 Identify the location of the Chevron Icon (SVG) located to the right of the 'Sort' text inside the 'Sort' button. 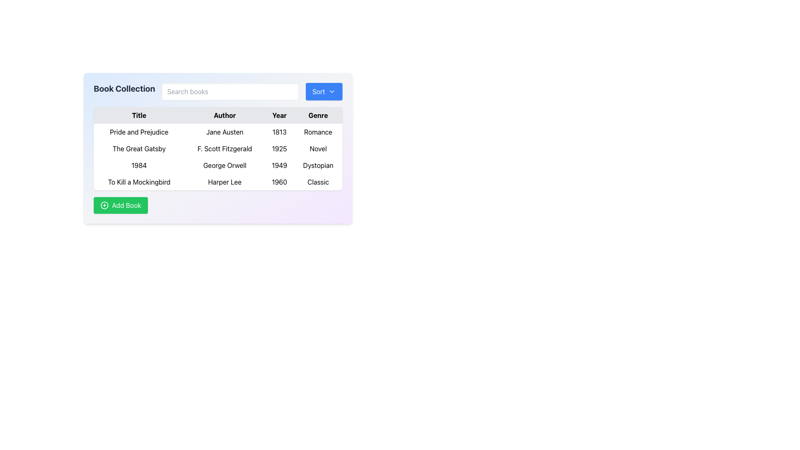
(331, 91).